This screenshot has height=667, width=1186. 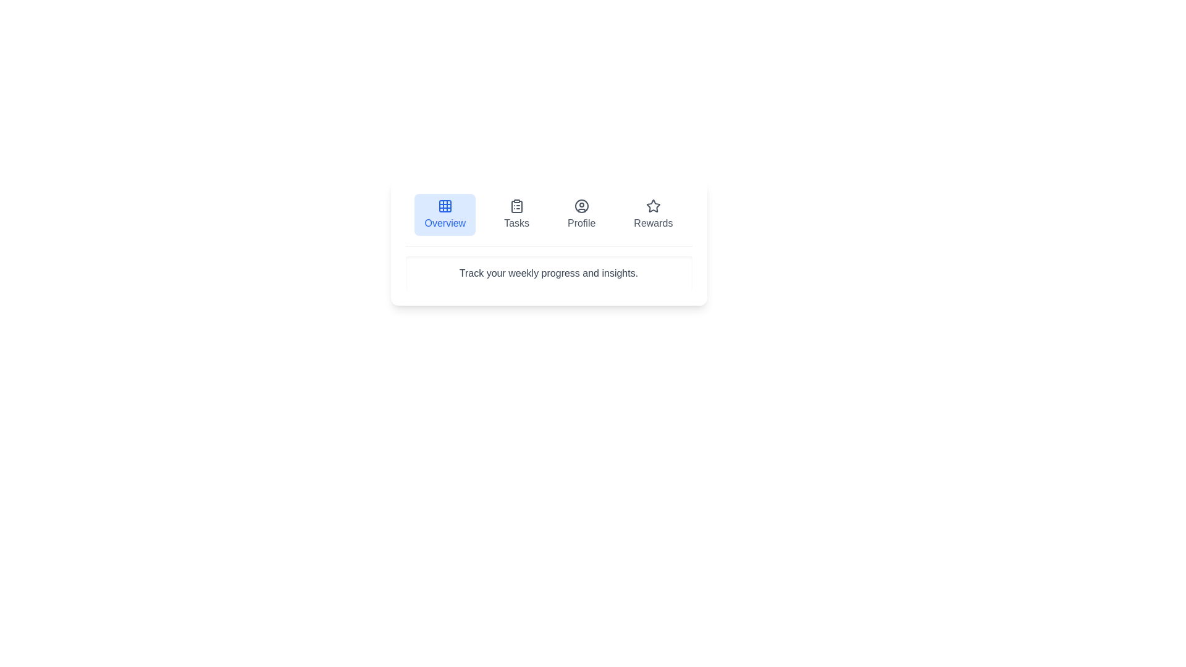 What do you see at coordinates (548, 242) in the screenshot?
I see `the navigation bar within the Composite section that includes links for 'Overview,' 'Tasks,' 'Profile,' and 'Rewards' to switch sections` at bounding box center [548, 242].